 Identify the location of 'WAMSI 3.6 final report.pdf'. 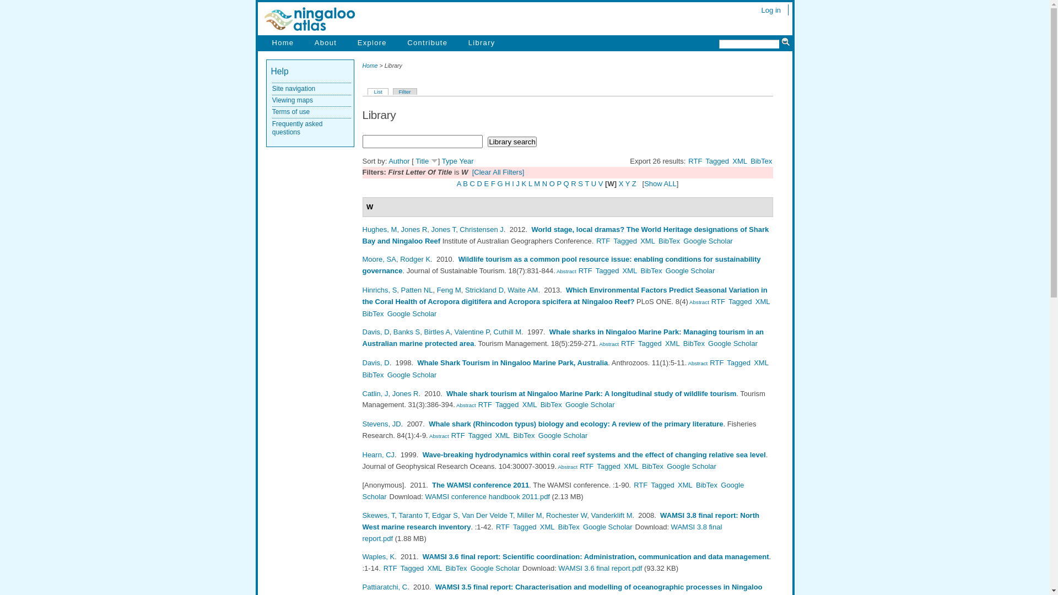
(600, 568).